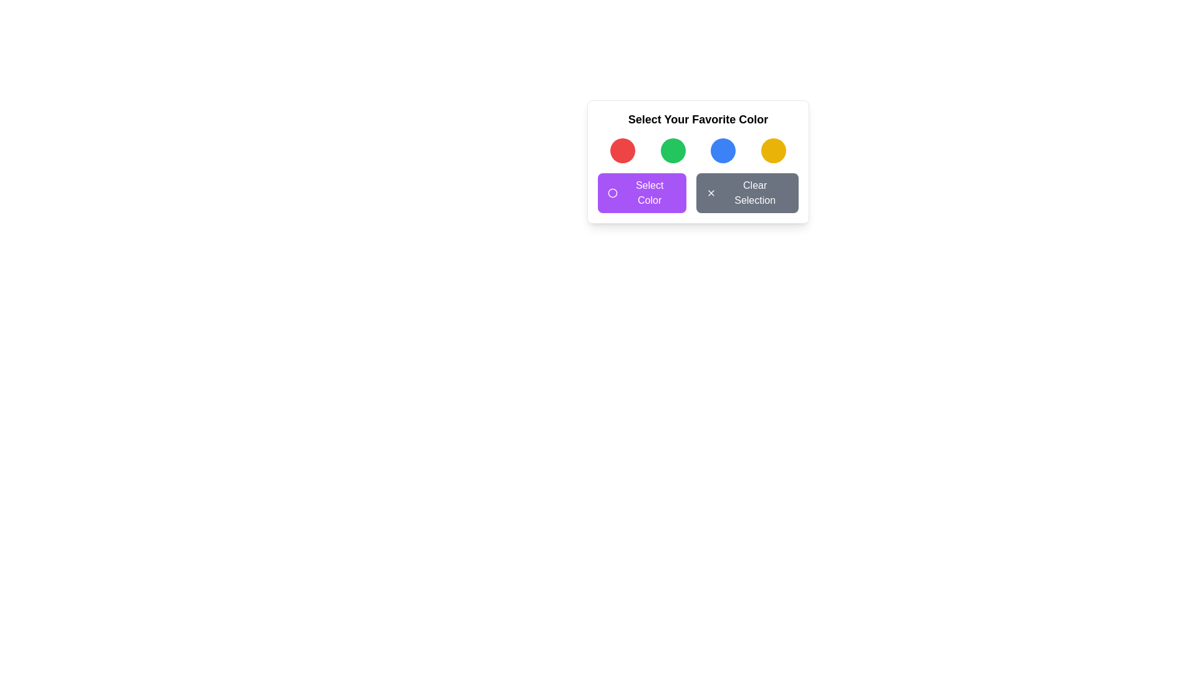  Describe the element at coordinates (697, 161) in the screenshot. I see `the buttons within the card titled 'Select Your Favorite Color'` at that location.